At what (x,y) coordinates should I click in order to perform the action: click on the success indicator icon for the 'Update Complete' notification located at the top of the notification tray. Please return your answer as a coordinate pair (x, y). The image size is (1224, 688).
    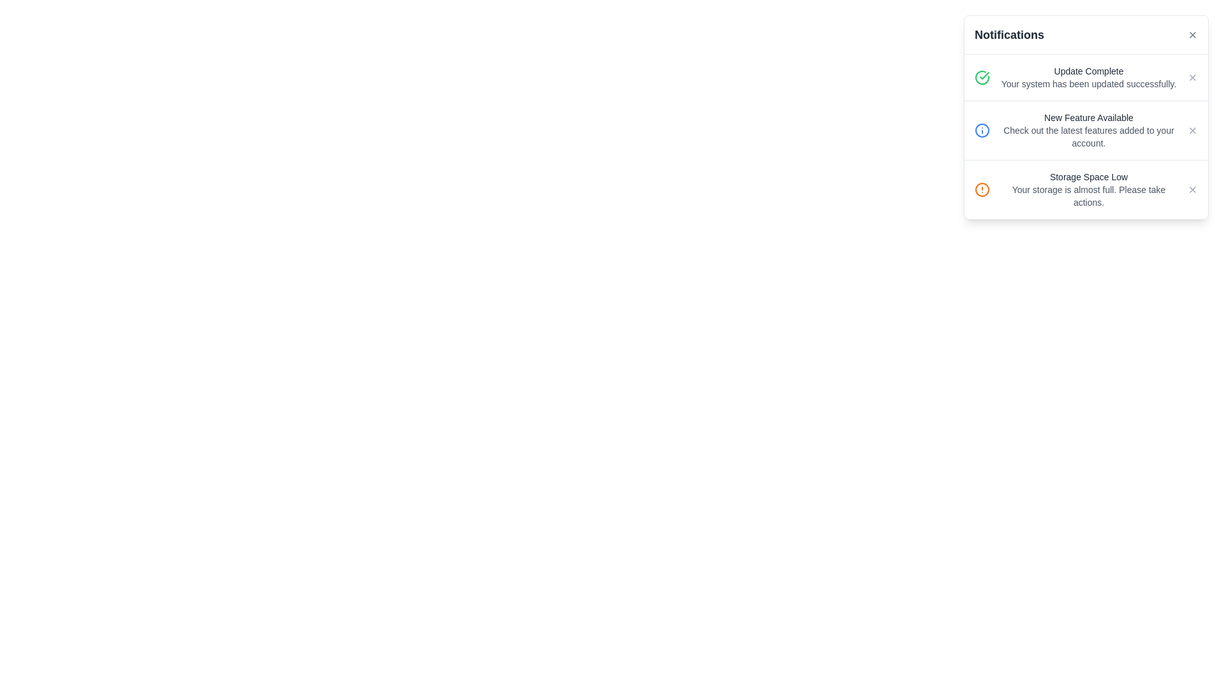
    Looking at the image, I should click on (981, 78).